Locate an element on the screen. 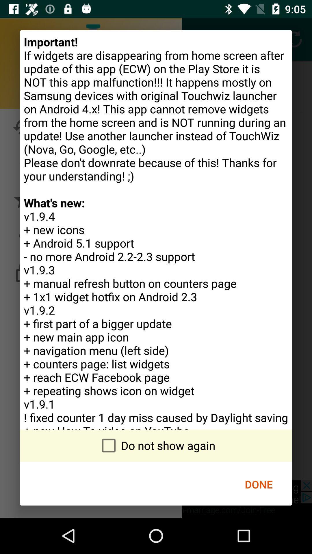 This screenshot has width=312, height=554. the icon at the bottom is located at coordinates (156, 445).